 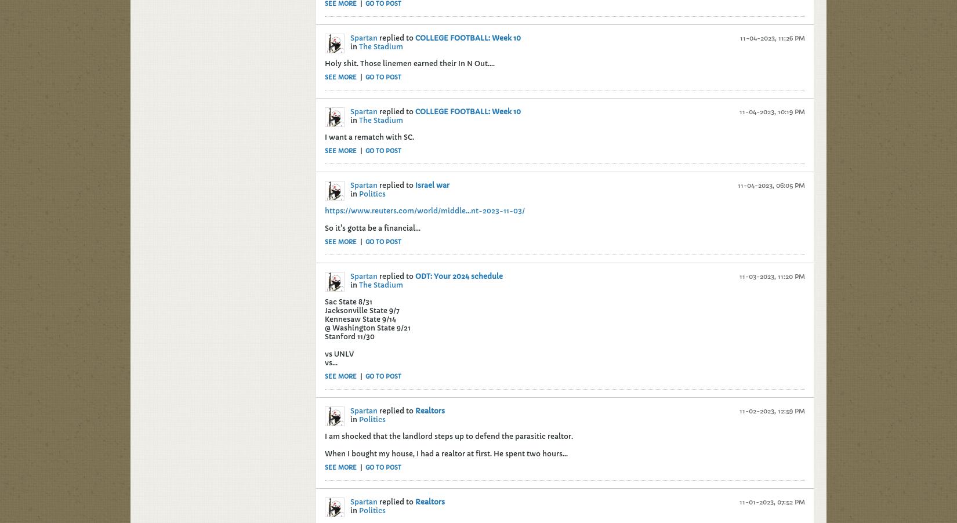 I want to click on 'So it's gotta be a financial...', so click(x=372, y=227).